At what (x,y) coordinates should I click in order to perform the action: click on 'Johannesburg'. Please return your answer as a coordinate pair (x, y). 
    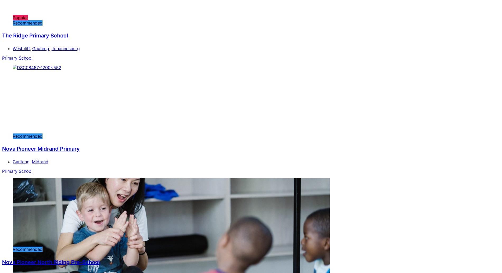
    Looking at the image, I should click on (65, 48).